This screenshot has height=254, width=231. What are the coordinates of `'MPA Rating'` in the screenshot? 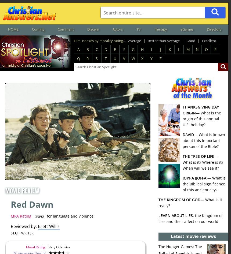 It's located at (21, 216).